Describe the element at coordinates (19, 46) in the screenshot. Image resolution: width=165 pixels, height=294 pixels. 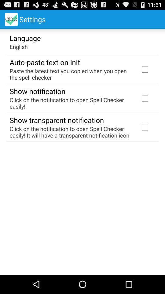
I see `item below the language app` at that location.